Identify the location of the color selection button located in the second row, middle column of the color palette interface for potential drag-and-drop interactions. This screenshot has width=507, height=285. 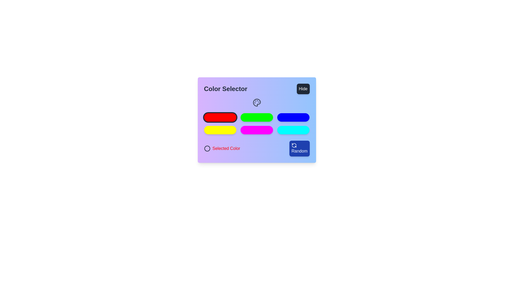
(257, 130).